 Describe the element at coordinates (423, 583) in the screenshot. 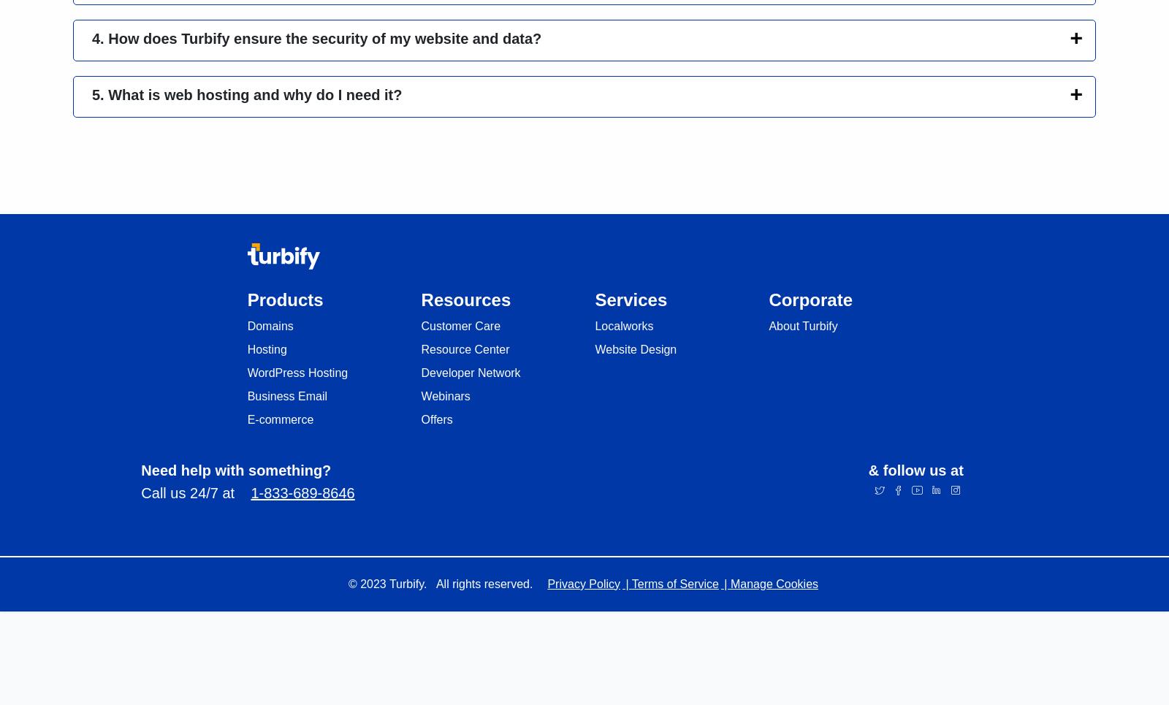

I see `'.   All rights reserved.'` at that location.